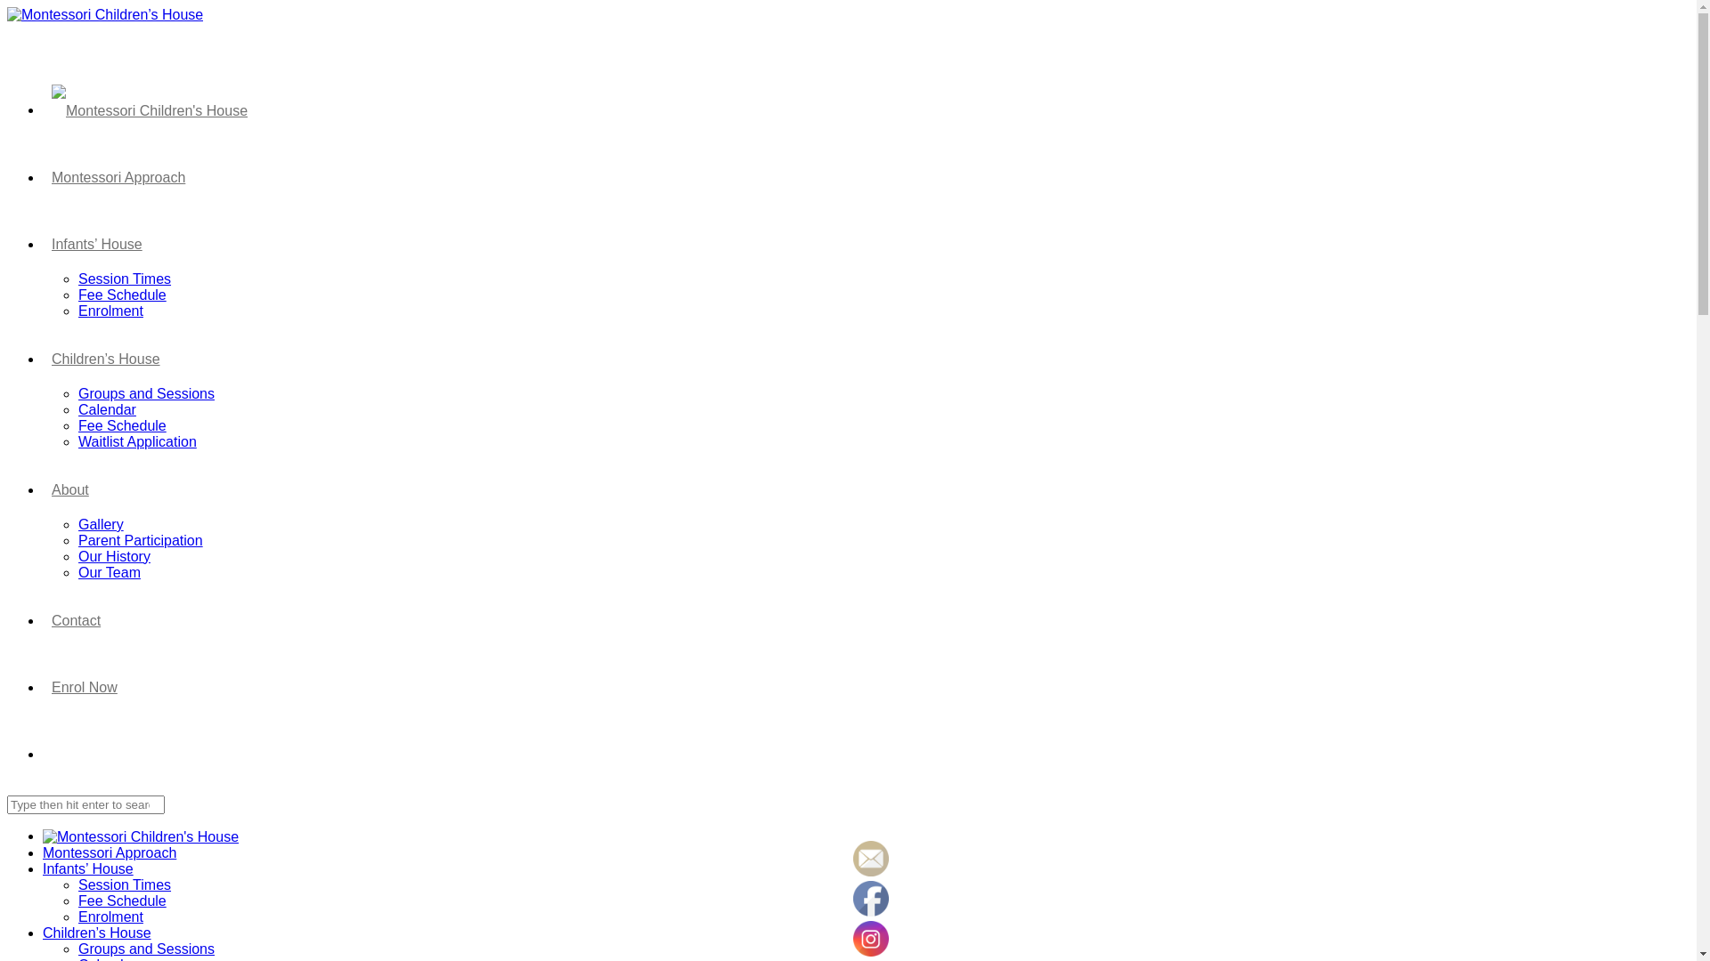 Image resolution: width=1710 pixels, height=961 pixels. What do you see at coordinates (136, 440) in the screenshot?
I see `'Waitlist Application'` at bounding box center [136, 440].